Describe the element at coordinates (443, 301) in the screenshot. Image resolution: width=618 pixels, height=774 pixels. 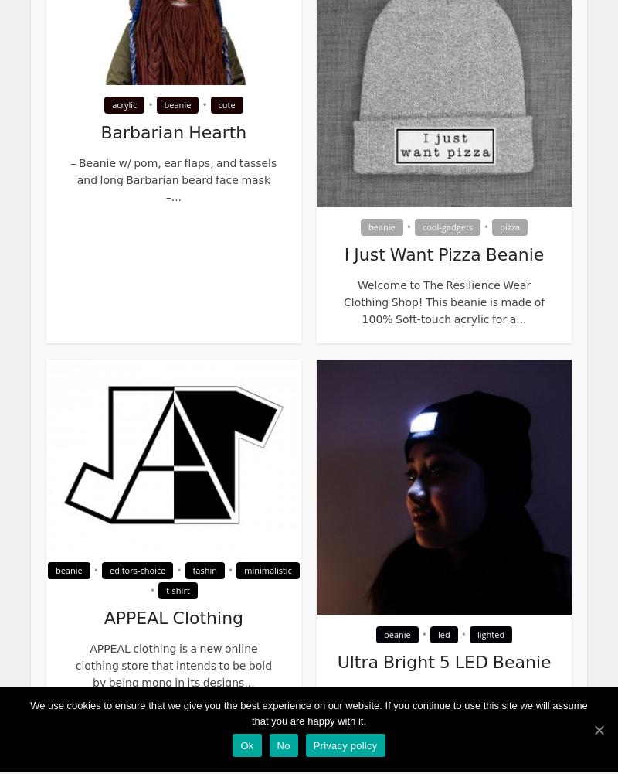
I see `'Welcome to The Resilience Wear Clothing Shop! This beanie is made of 100% Soft-touch acrylic for a...'` at that location.